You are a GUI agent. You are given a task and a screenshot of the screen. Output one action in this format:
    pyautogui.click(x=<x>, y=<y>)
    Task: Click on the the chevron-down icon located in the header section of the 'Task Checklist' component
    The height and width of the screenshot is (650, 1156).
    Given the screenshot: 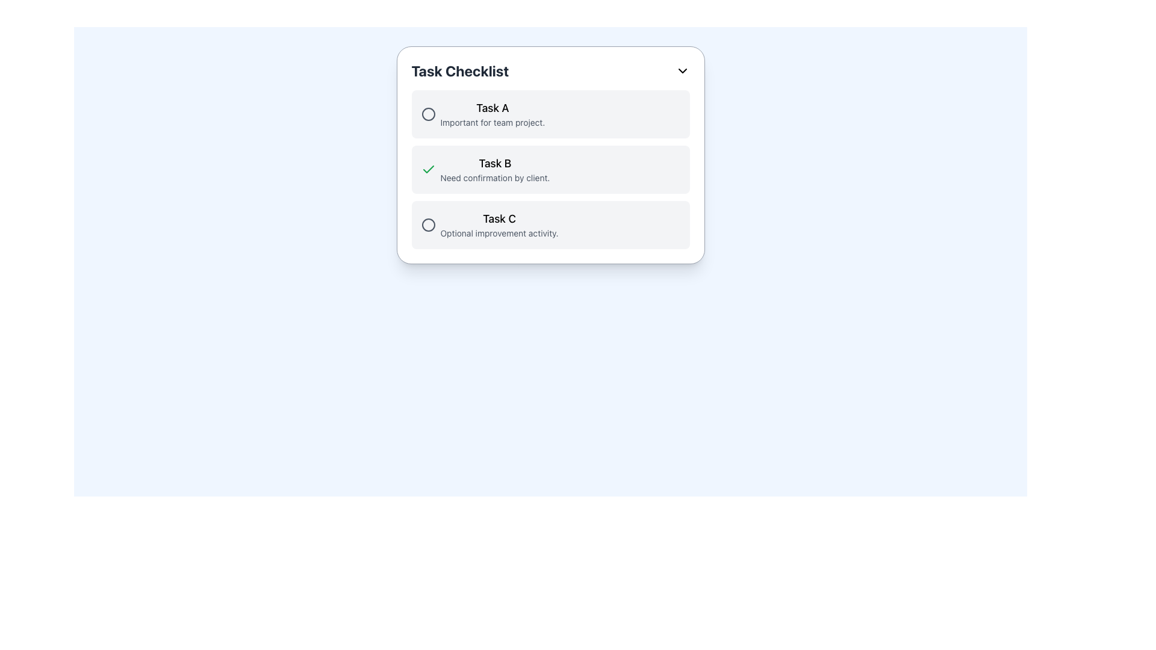 What is the action you would take?
    pyautogui.click(x=682, y=71)
    